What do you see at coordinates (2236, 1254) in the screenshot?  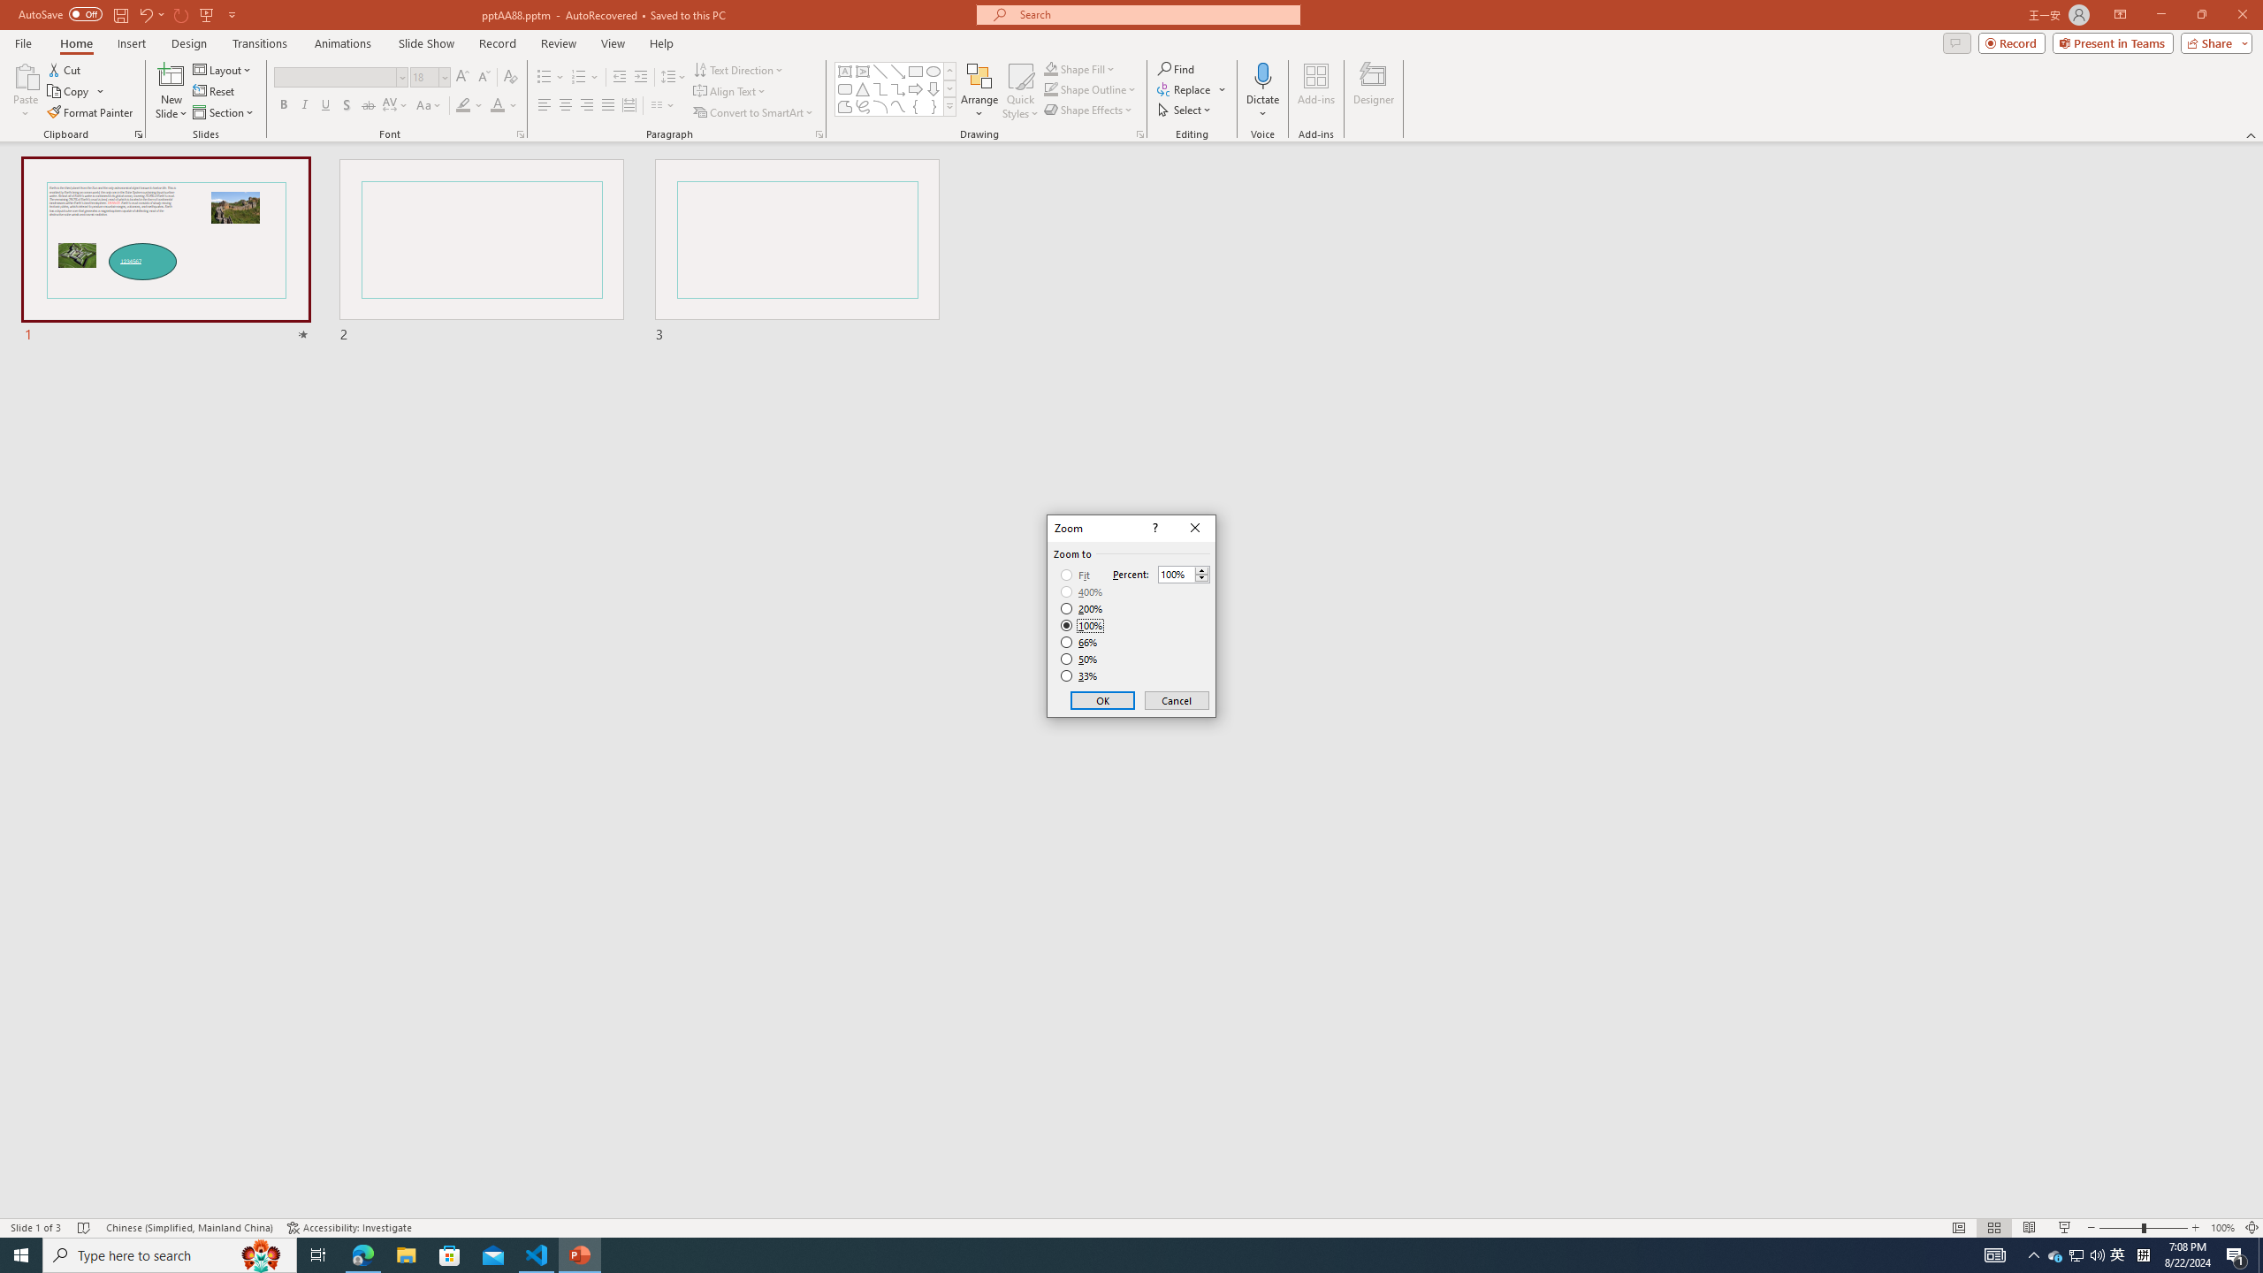 I see `'Action Center, 1 new notification'` at bounding box center [2236, 1254].